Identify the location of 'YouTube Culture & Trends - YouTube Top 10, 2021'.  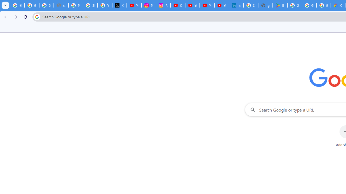
(207, 5).